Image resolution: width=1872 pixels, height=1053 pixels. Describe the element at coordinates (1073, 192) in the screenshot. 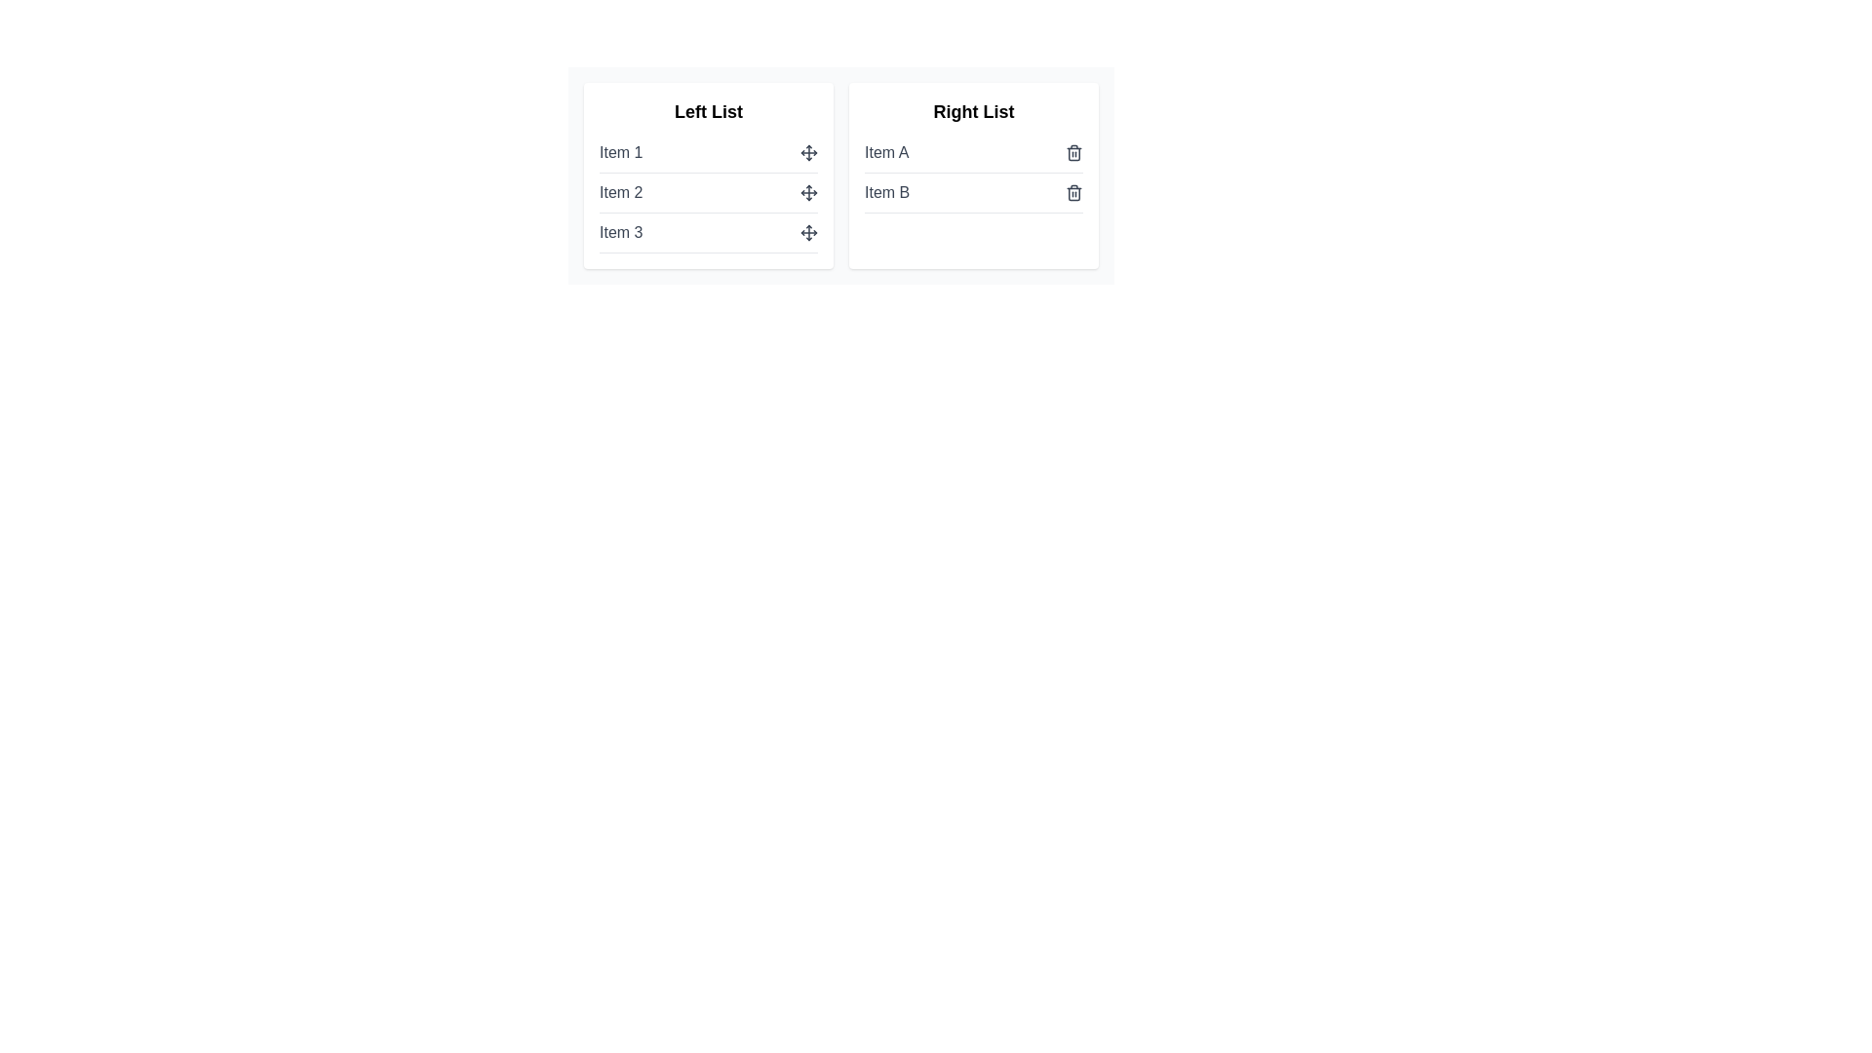

I see `delete icon next to Item B in the Right List` at that location.